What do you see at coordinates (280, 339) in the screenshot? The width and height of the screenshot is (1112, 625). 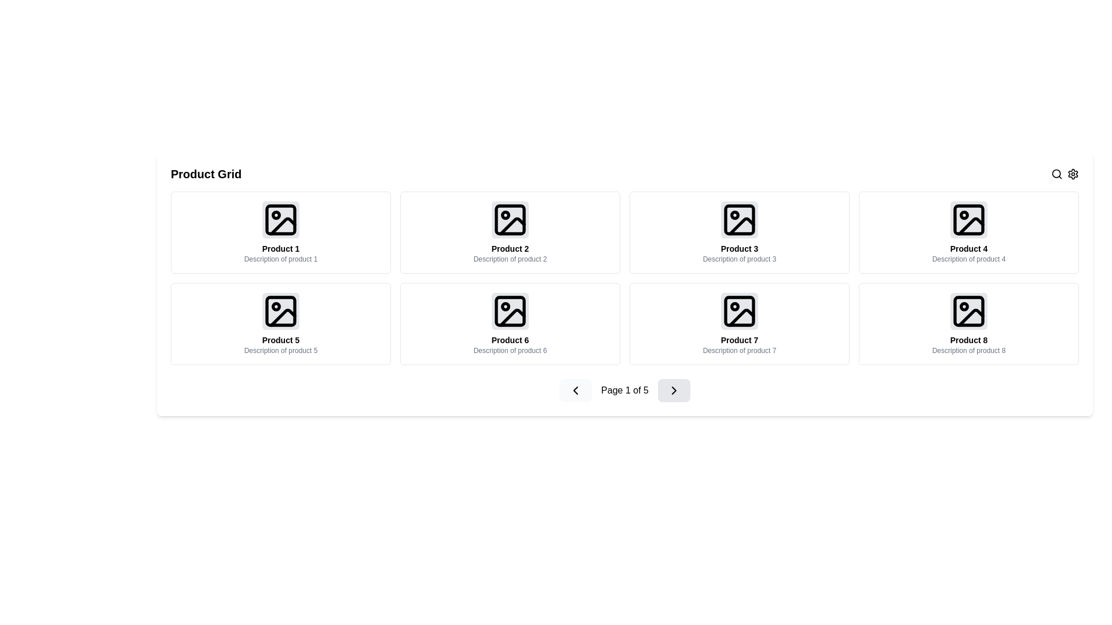 I see `the text label that contains the string 'Product 5', which is styled with a small font size, bold, and center-aligned, located in the product card for 'Product 5'` at bounding box center [280, 339].